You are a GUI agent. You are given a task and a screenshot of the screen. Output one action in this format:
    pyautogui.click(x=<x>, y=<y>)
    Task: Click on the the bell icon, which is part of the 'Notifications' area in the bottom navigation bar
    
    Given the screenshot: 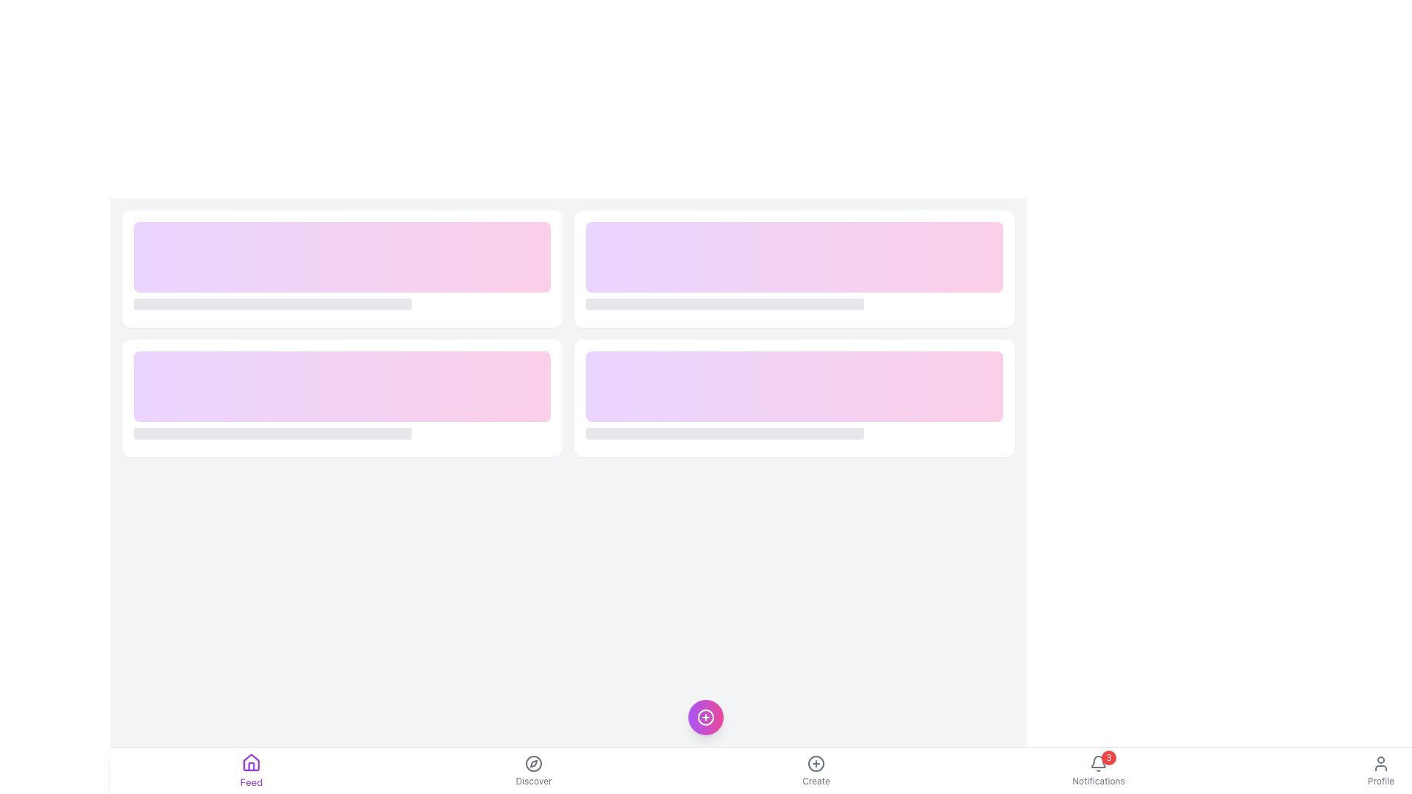 What is the action you would take?
    pyautogui.click(x=1098, y=762)
    